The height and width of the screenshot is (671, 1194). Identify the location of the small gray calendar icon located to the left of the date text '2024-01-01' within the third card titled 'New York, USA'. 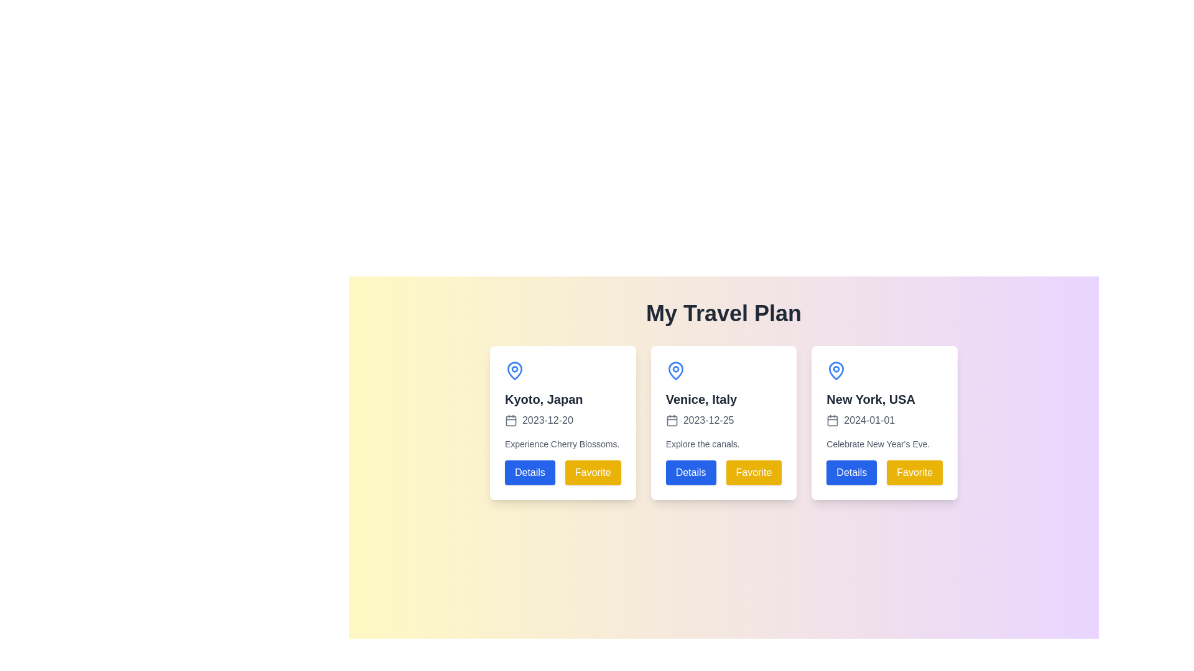
(833, 420).